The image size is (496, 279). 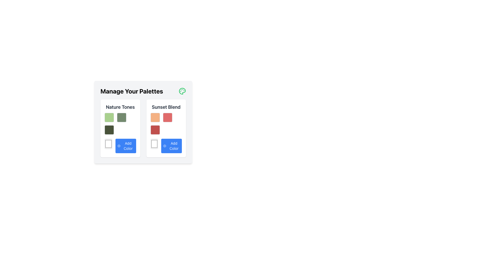 What do you see at coordinates (120, 123) in the screenshot?
I see `the medium green color swatch in the Color swatch group titled 'Nature Tones'` at bounding box center [120, 123].